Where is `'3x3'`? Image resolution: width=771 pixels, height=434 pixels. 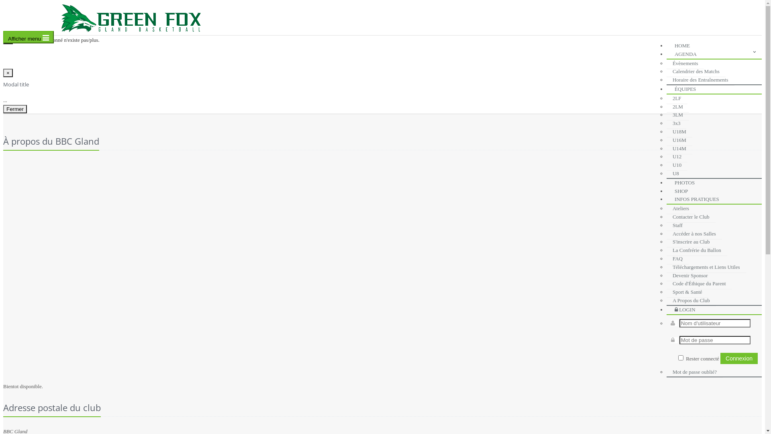 '3x3' is located at coordinates (676, 123).